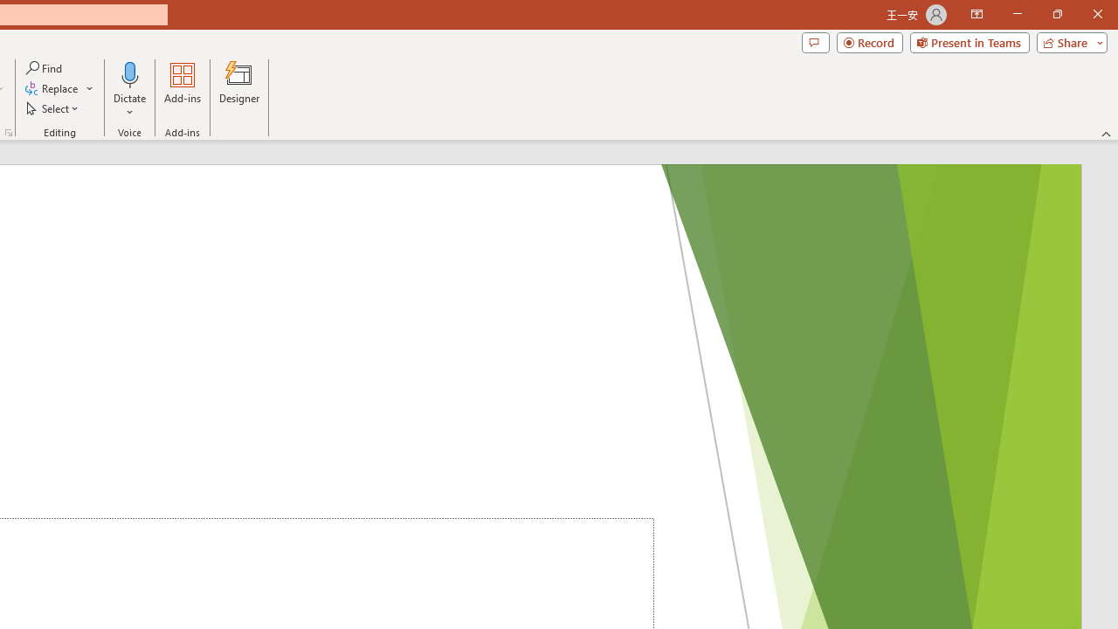  I want to click on 'Comments', so click(814, 41).